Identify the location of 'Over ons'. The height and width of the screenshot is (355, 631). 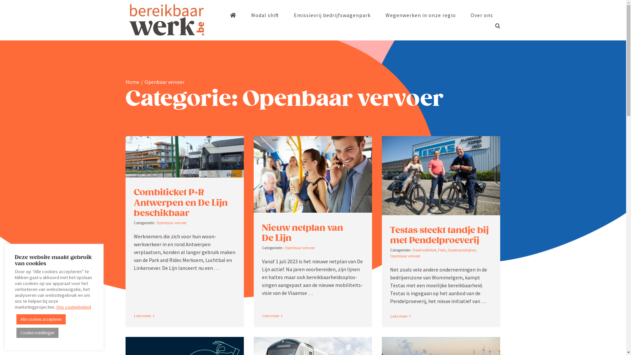
(481, 15).